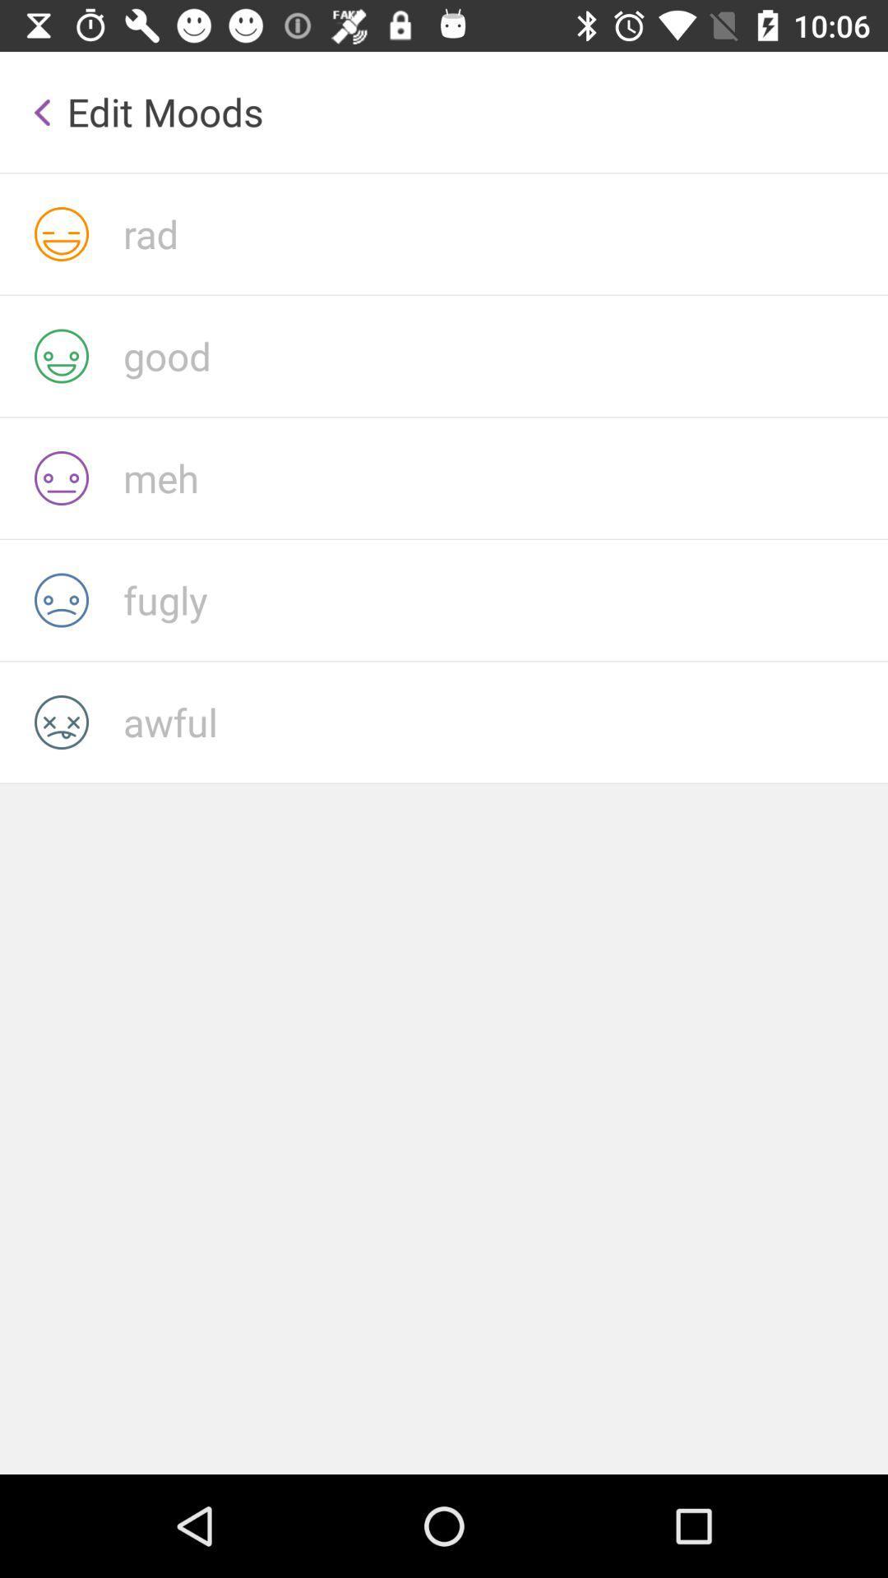 Image resolution: width=888 pixels, height=1578 pixels. I want to click on dissatisfied emoji, so click(504, 477).